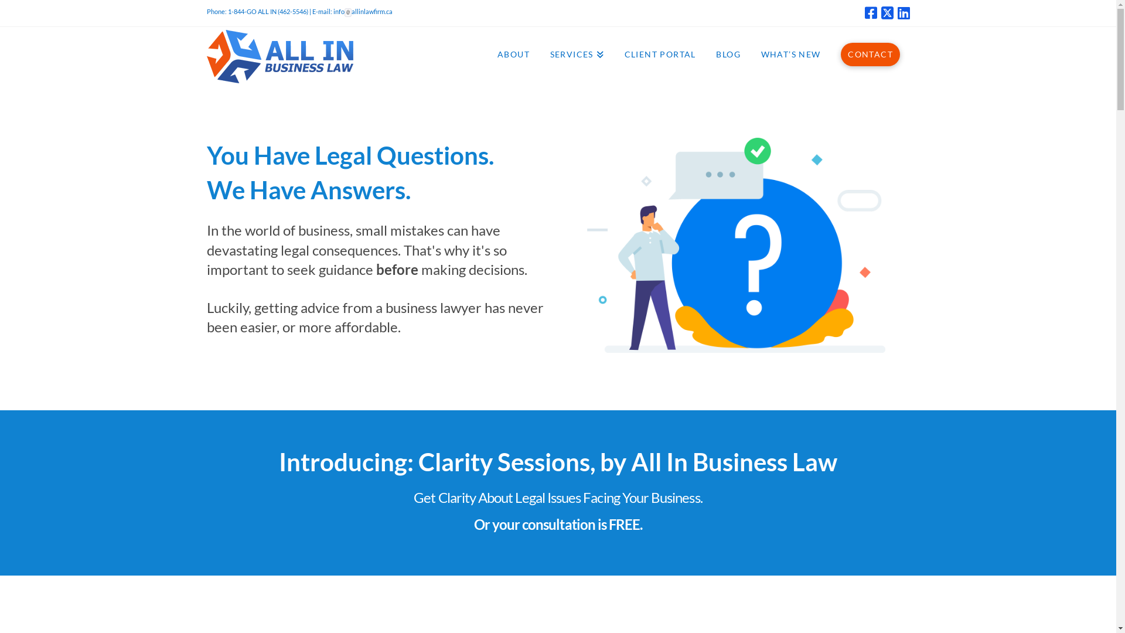  Describe the element at coordinates (705, 53) in the screenshot. I see `'BLOG'` at that location.